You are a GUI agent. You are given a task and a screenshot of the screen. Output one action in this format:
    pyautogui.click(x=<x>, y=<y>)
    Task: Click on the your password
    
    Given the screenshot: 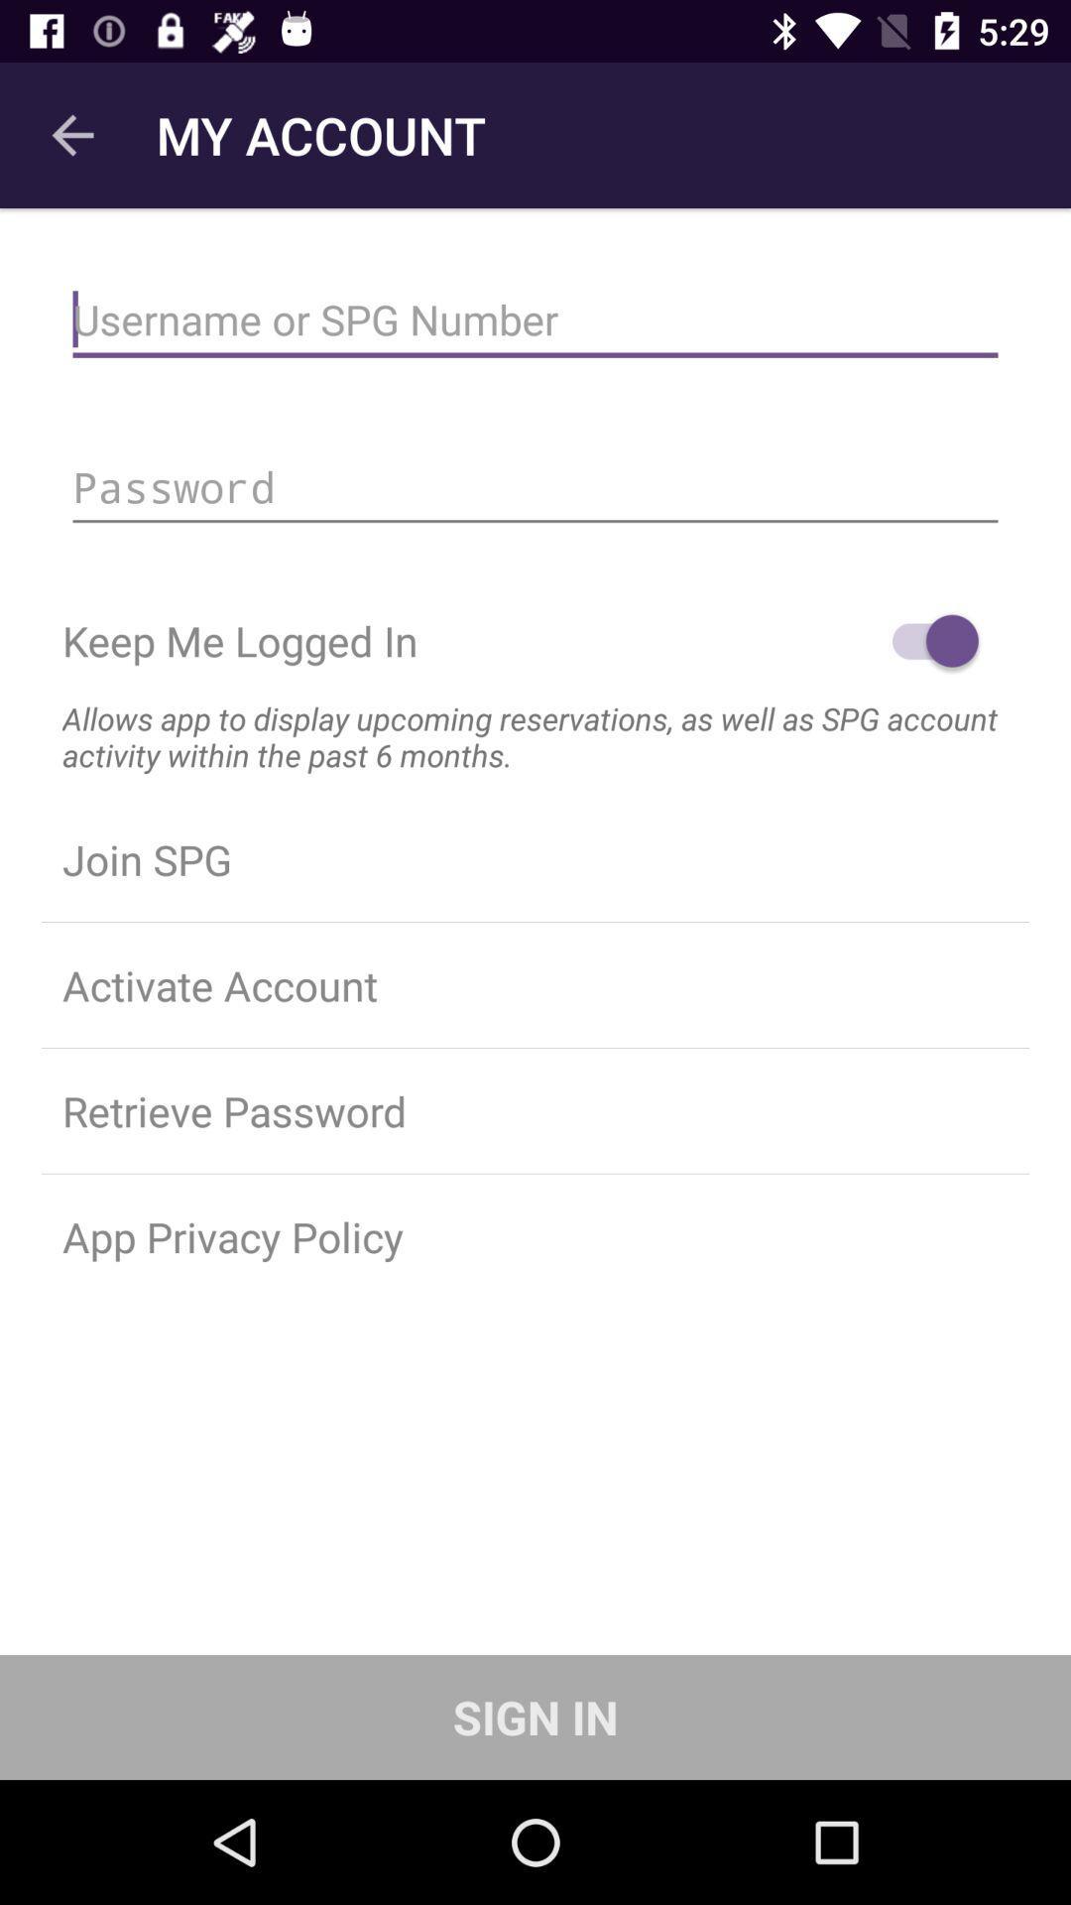 What is the action you would take?
    pyautogui.click(x=535, y=487)
    